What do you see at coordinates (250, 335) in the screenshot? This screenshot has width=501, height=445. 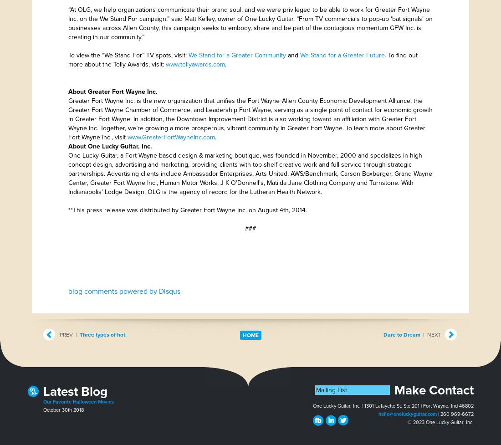 I see `'HOME'` at bounding box center [250, 335].